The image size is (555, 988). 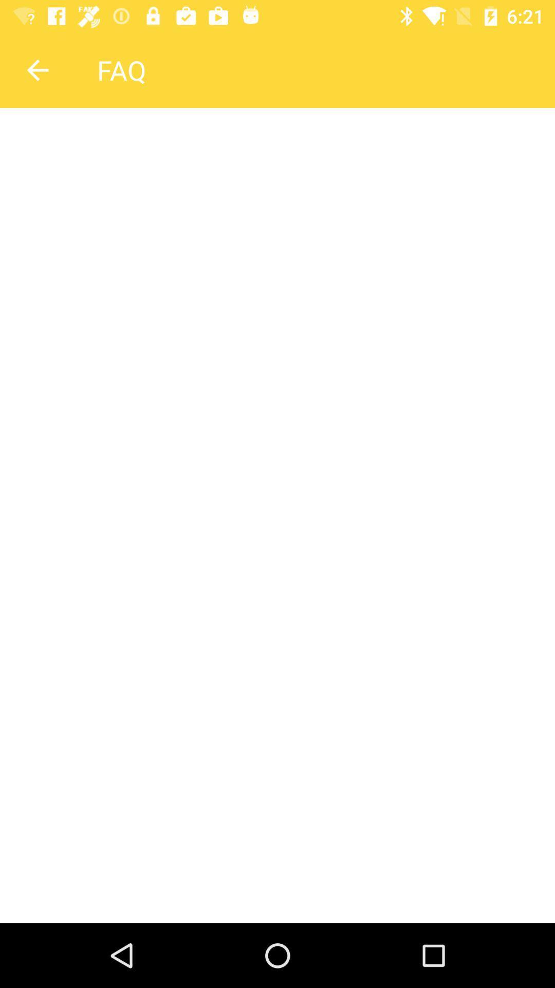 What do you see at coordinates (37, 69) in the screenshot?
I see `the item next to faq icon` at bounding box center [37, 69].